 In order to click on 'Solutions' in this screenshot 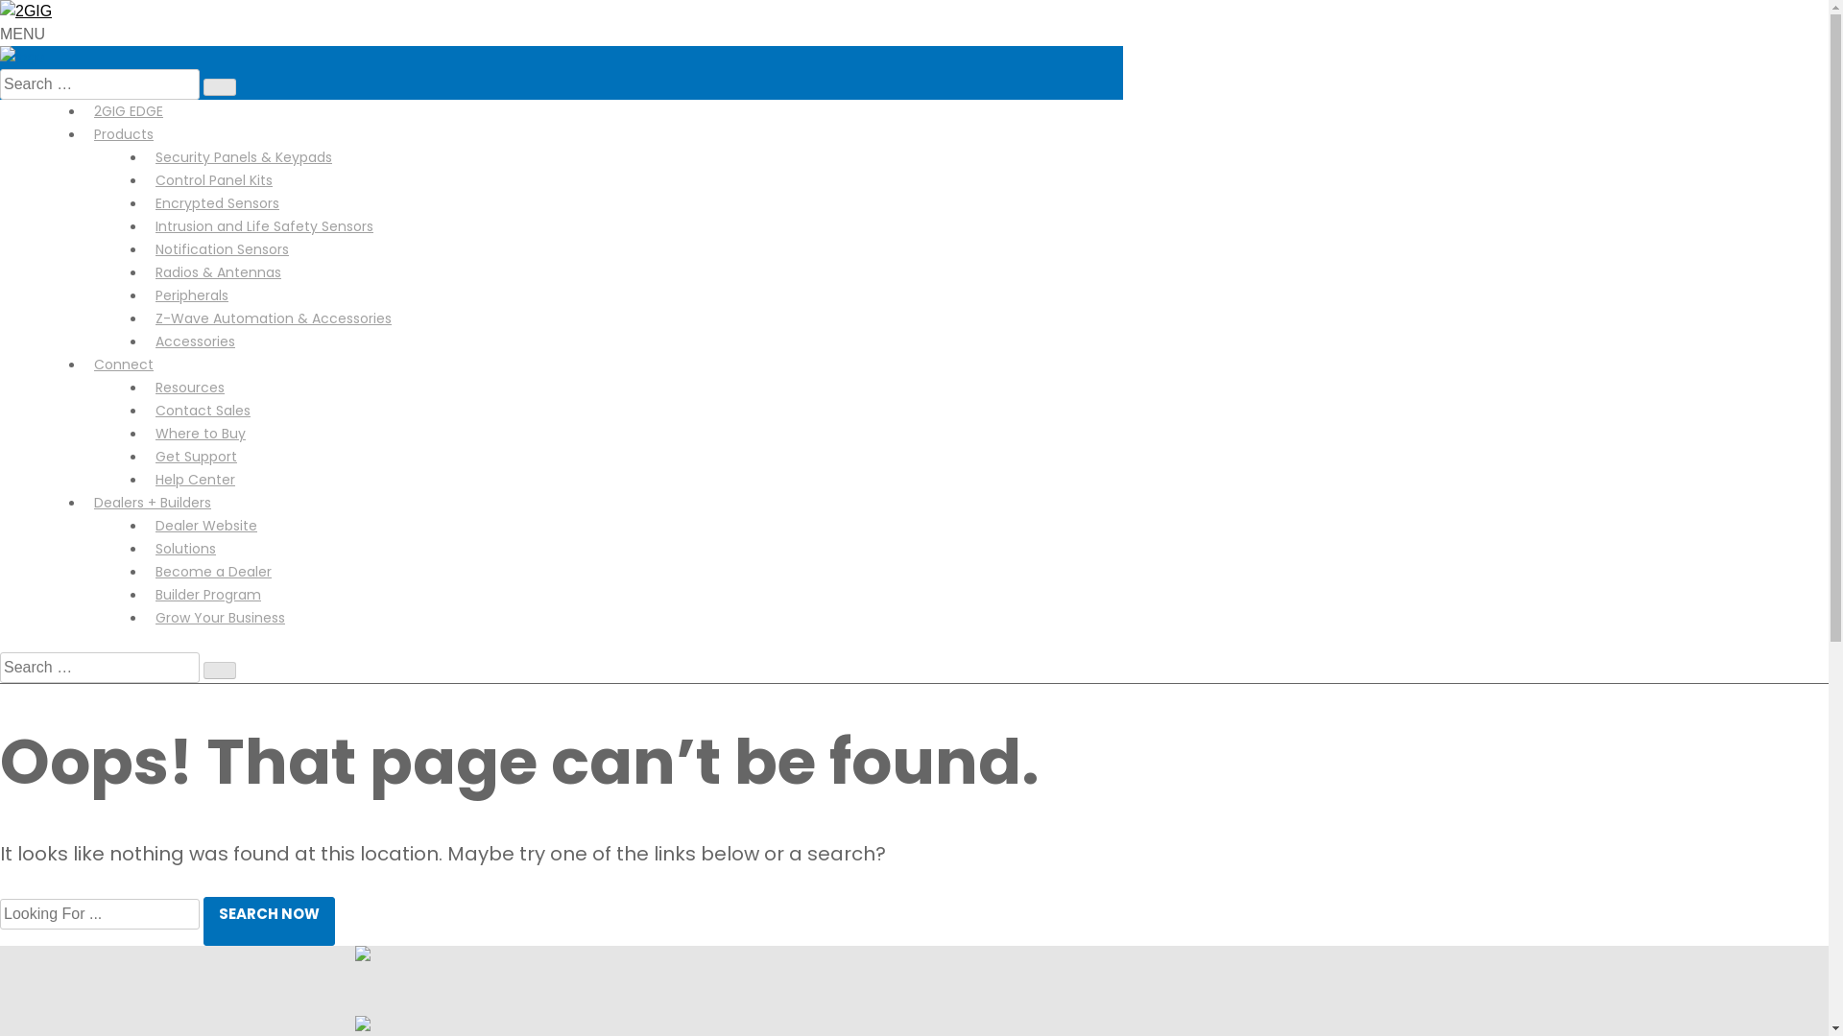, I will do `click(145, 548)`.